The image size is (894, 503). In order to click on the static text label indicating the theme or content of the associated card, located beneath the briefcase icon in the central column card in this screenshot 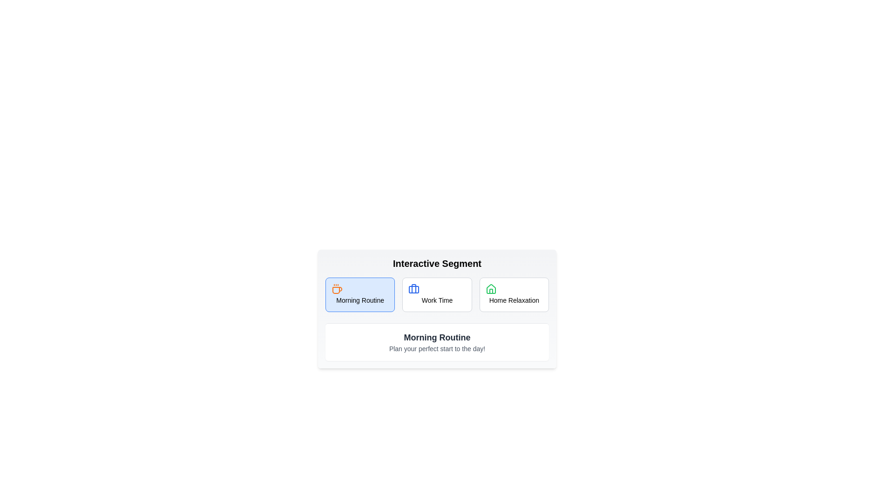, I will do `click(437, 300)`.